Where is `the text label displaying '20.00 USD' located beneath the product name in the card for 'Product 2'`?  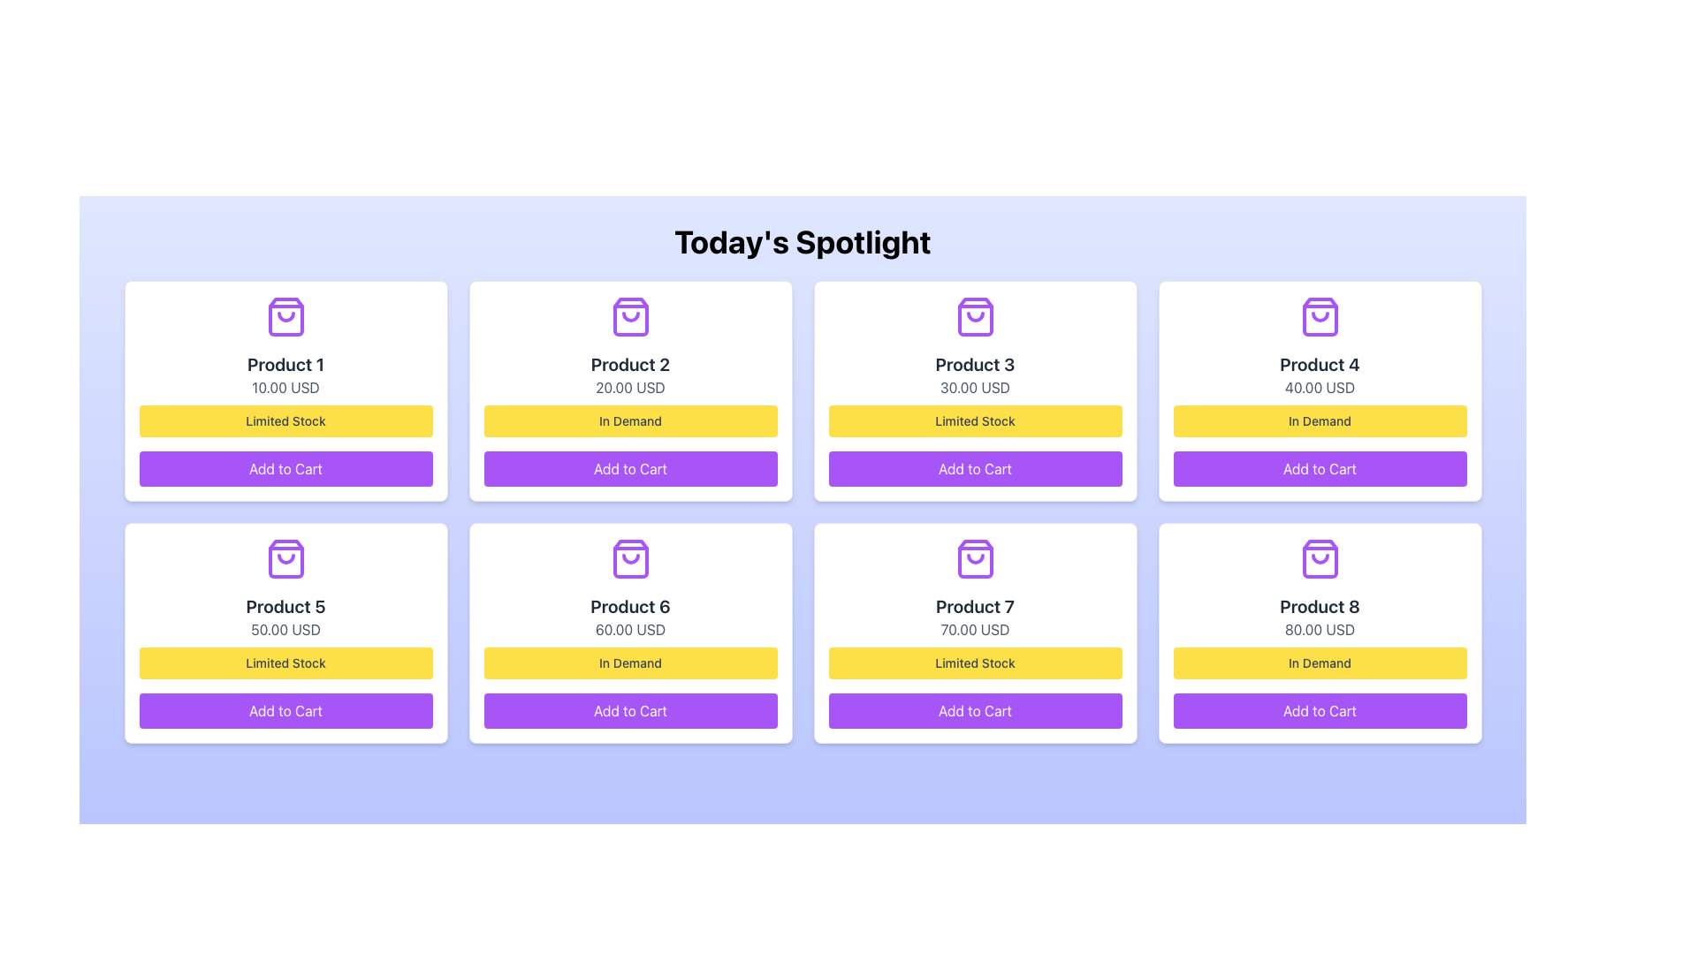
the text label displaying '20.00 USD' located beneath the product name in the card for 'Product 2' is located at coordinates (630, 387).